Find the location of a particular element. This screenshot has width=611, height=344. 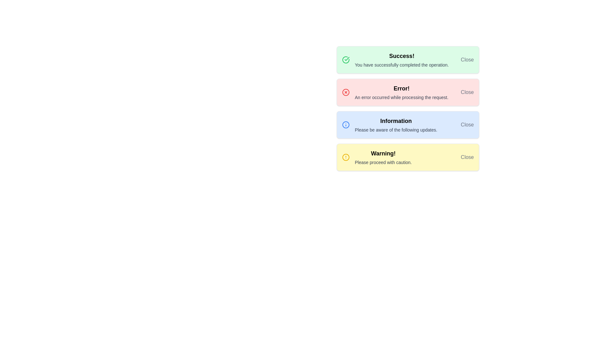

the warning message that says 'Warning! Please proceed with caution.' located at the bottom of the alert list is located at coordinates (383, 157).